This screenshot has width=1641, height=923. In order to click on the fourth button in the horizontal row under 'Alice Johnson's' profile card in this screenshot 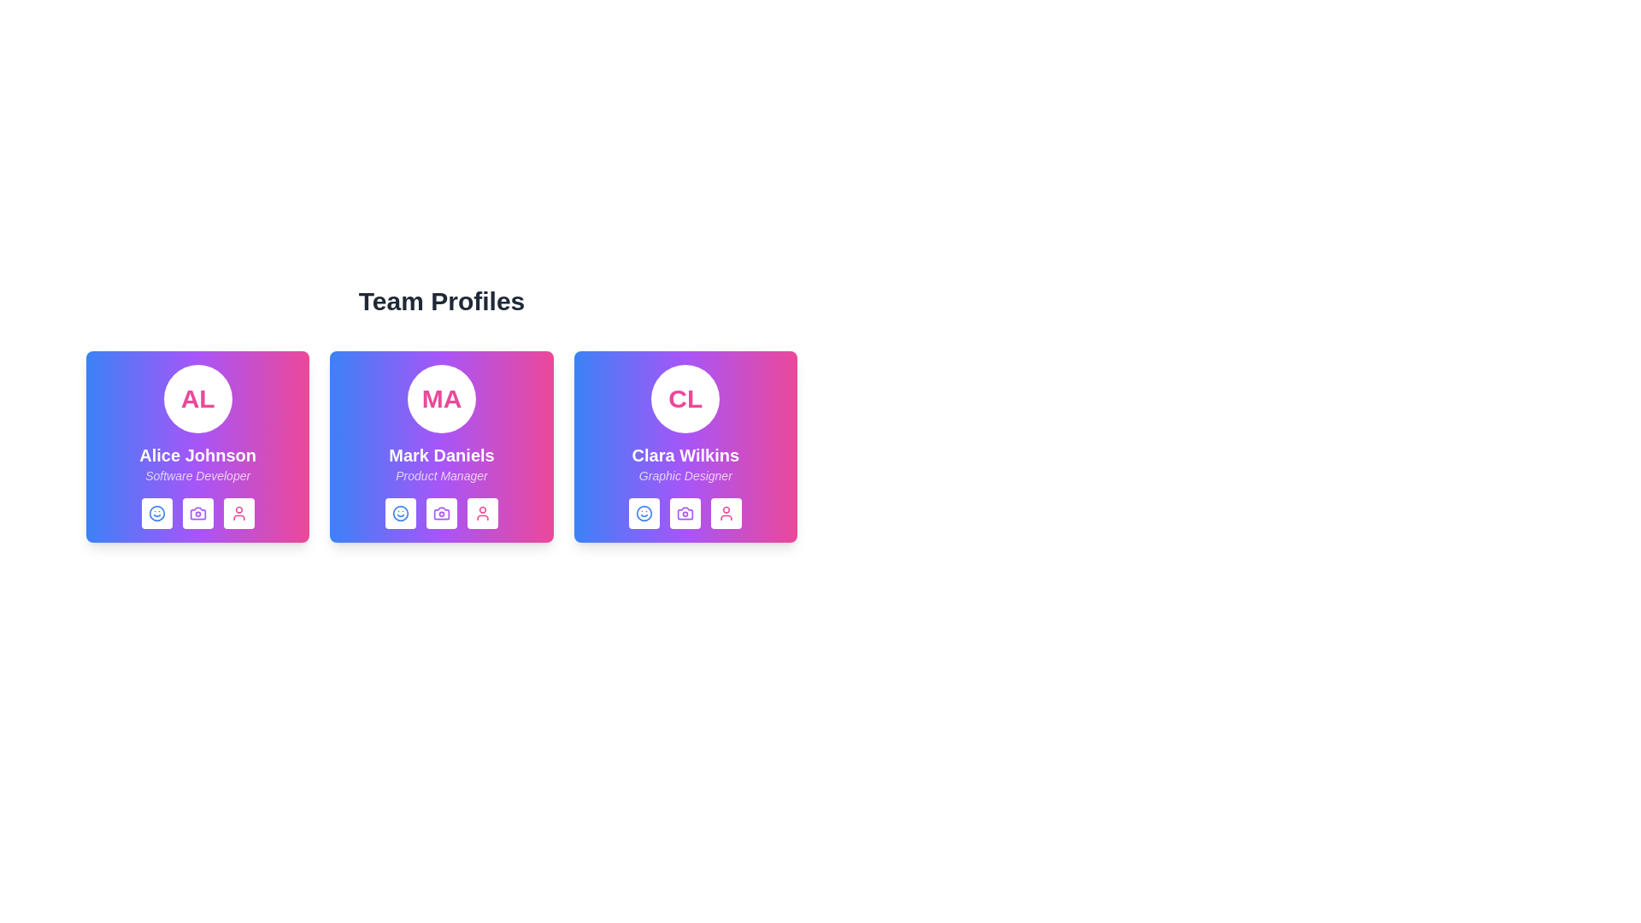, I will do `click(238, 513)`.